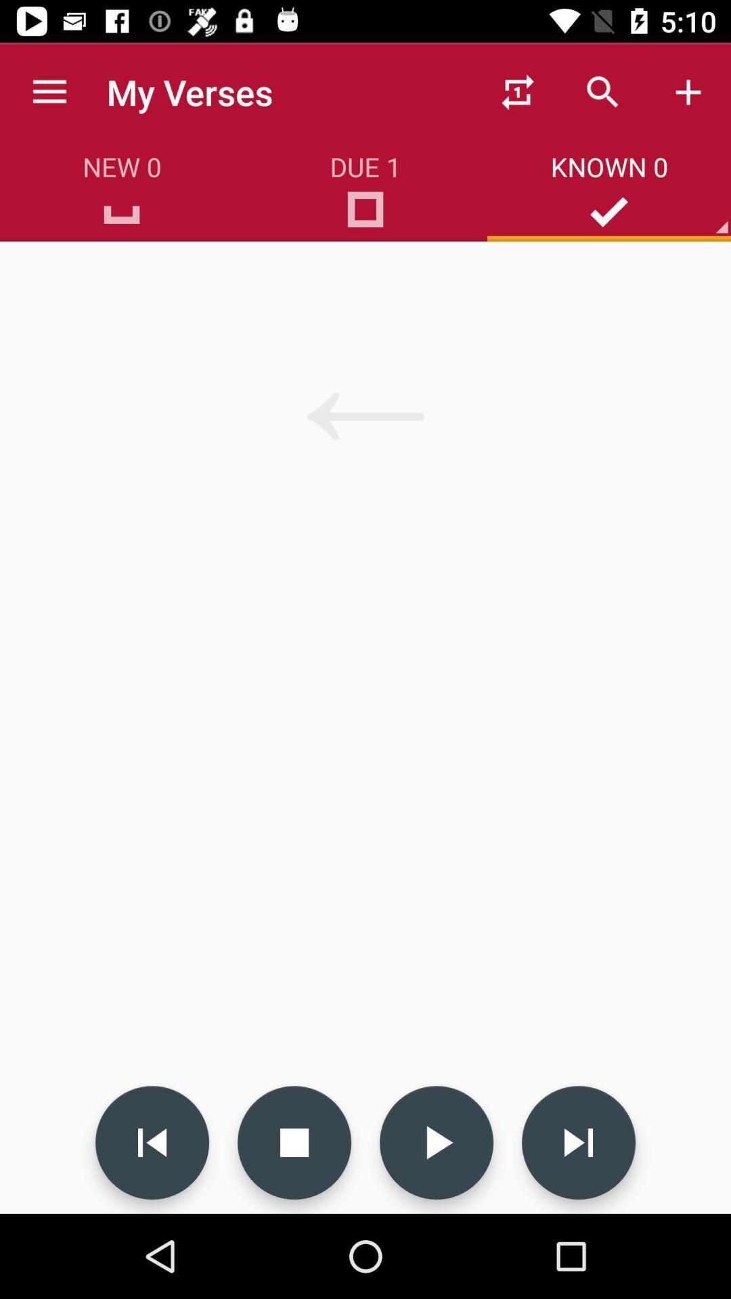 This screenshot has width=731, height=1299. What do you see at coordinates (436, 1142) in the screenshot?
I see `the play icon` at bounding box center [436, 1142].